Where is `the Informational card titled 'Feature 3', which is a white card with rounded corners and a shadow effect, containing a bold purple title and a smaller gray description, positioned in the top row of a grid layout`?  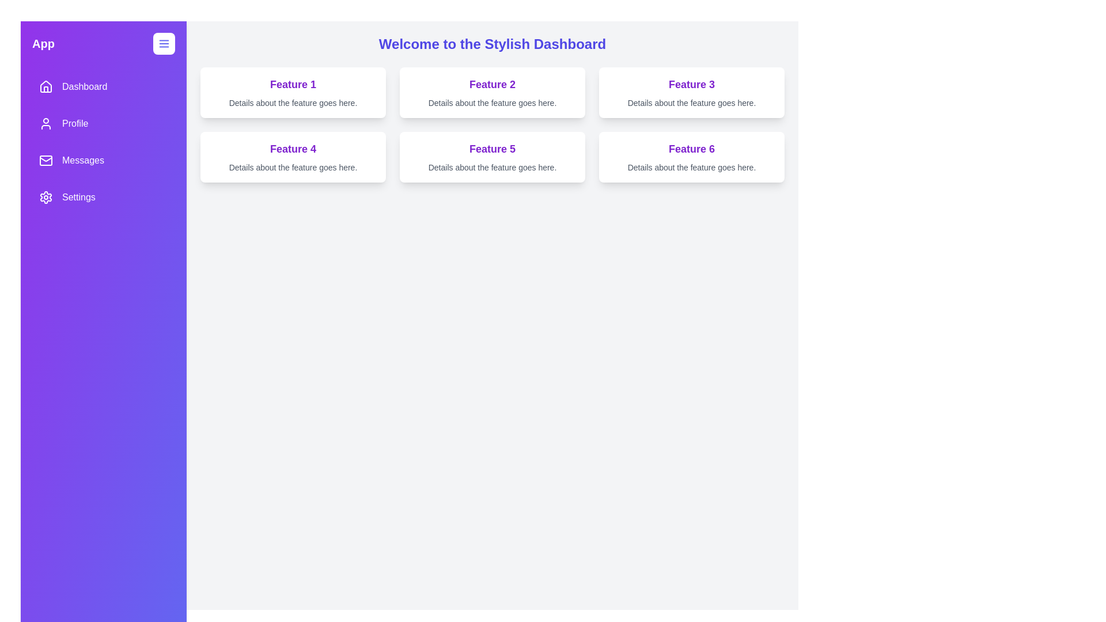 the Informational card titled 'Feature 3', which is a white card with rounded corners and a shadow effect, containing a bold purple title and a smaller gray description, positioned in the top row of a grid layout is located at coordinates (691, 92).